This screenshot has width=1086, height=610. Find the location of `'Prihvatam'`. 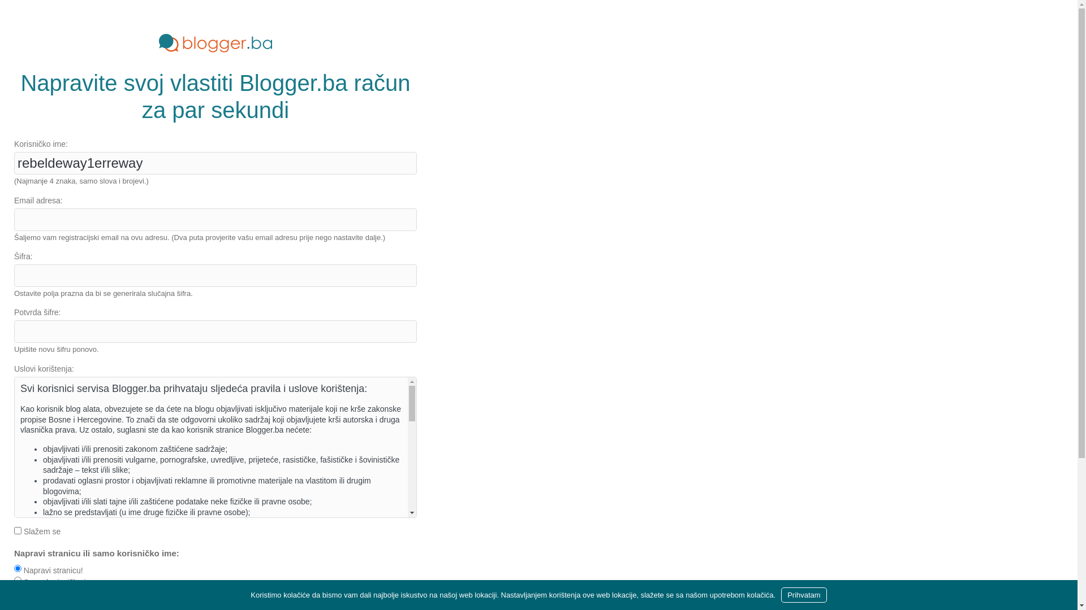

'Prihvatam' is located at coordinates (803, 594).